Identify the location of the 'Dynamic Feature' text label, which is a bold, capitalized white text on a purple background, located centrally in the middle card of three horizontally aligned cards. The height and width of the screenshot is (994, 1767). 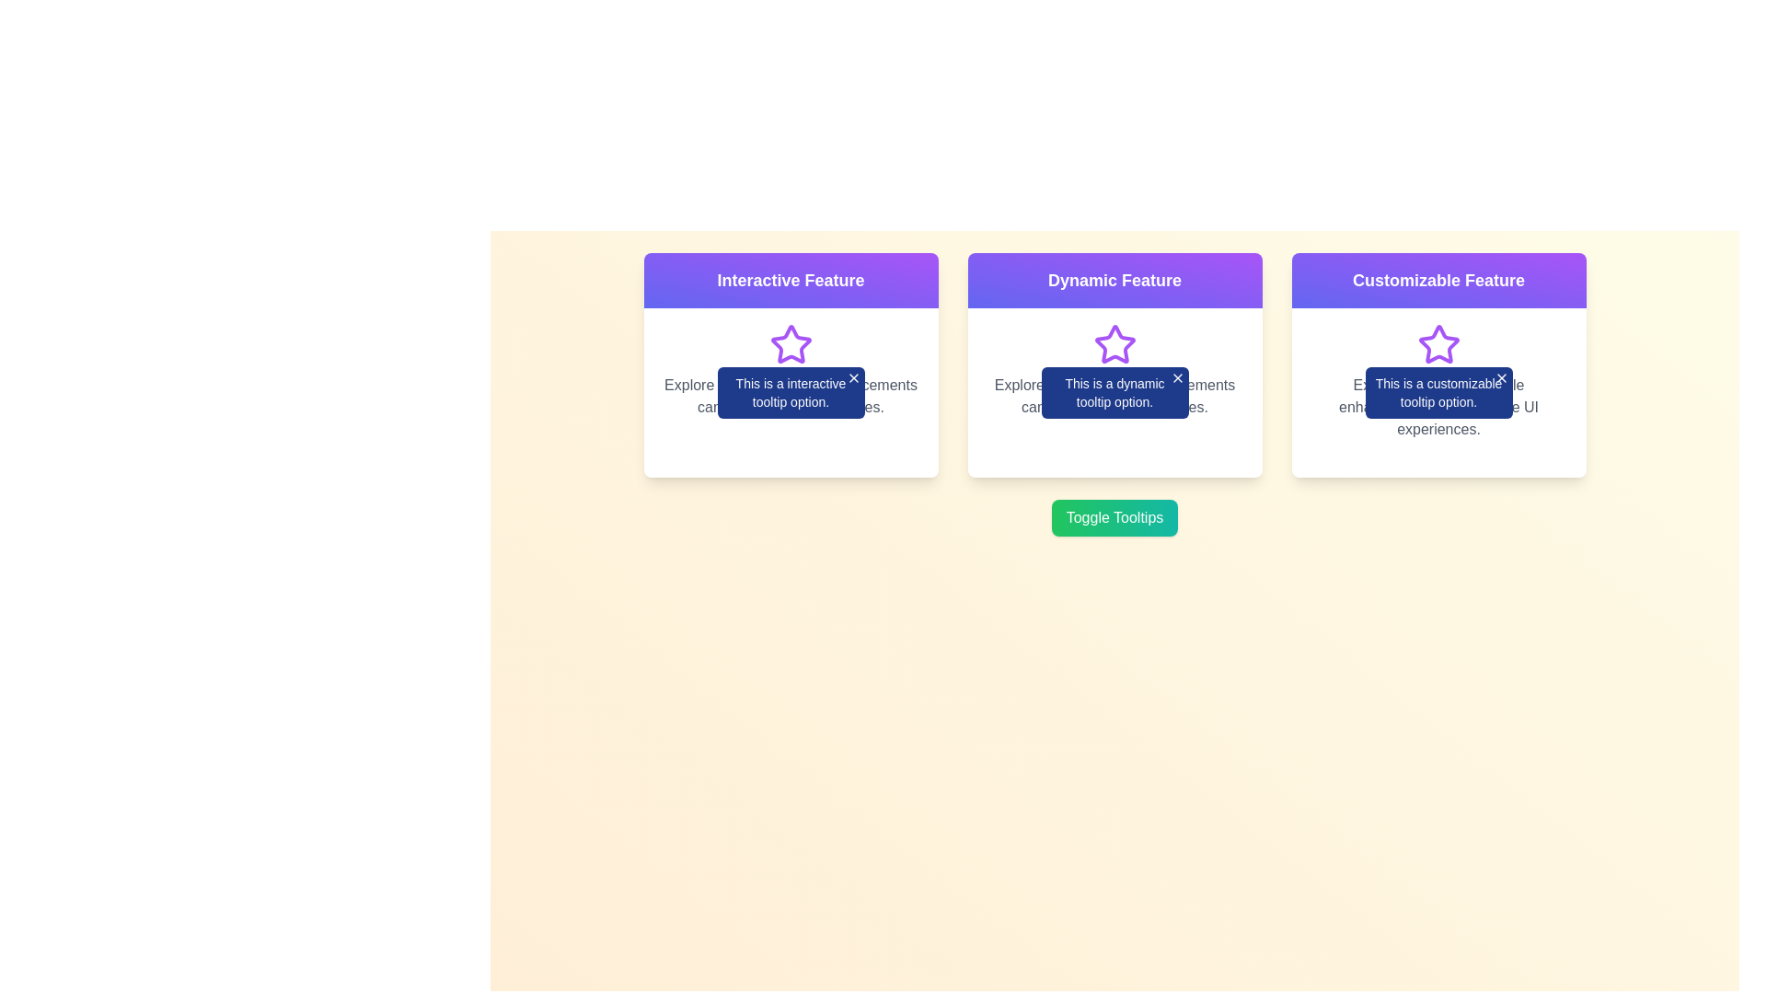
(1114, 280).